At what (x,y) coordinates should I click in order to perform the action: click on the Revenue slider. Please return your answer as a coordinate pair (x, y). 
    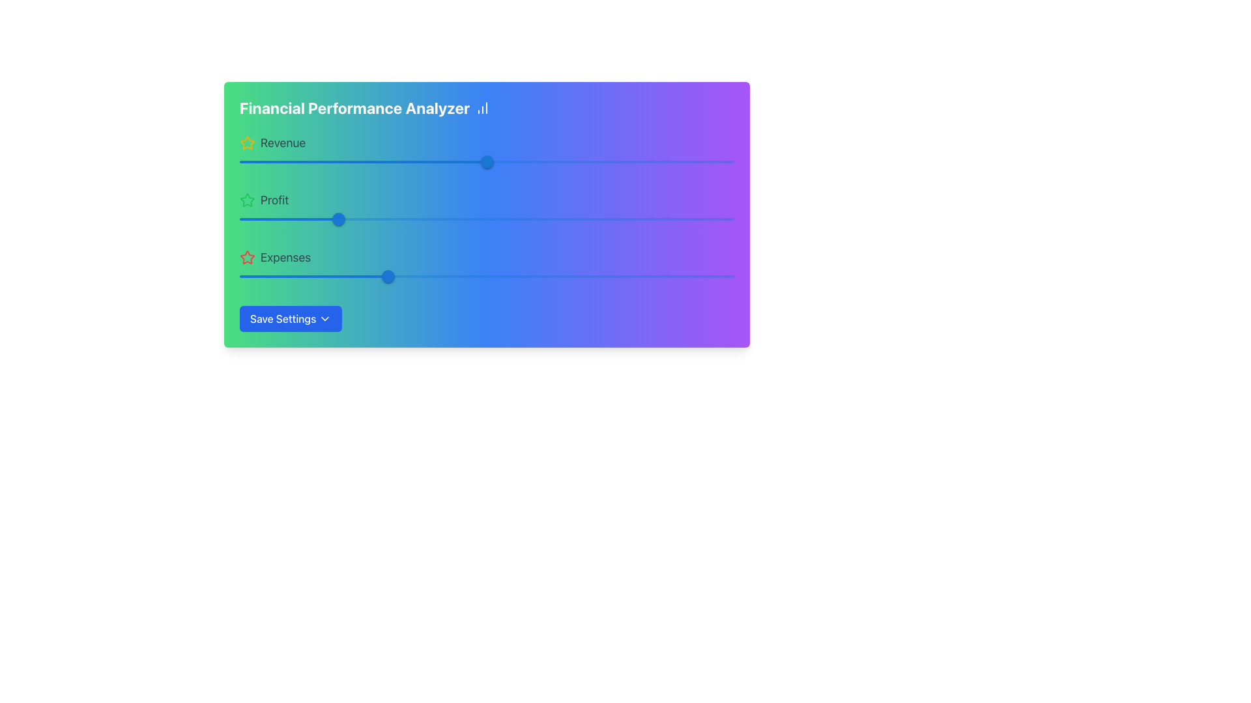
    Looking at the image, I should click on (679, 161).